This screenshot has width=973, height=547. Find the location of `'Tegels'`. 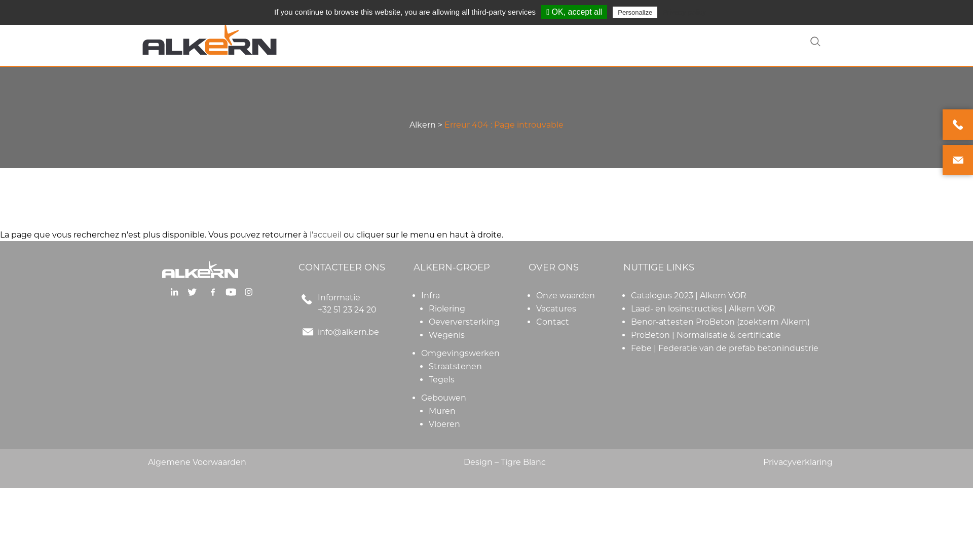

'Tegels' is located at coordinates (441, 379).